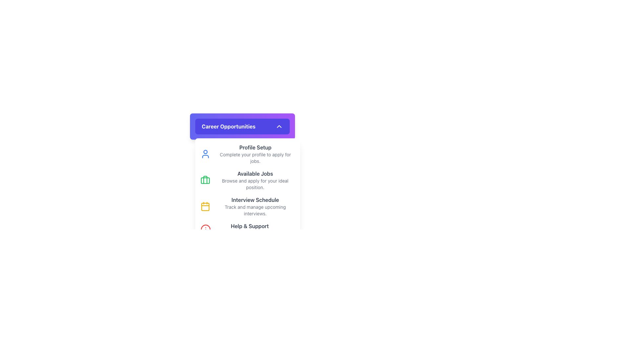 This screenshot has height=354, width=630. Describe the element at coordinates (279, 126) in the screenshot. I see `the chevron-up icon located at the top-right end of the 'Career Opportunities' button` at that location.